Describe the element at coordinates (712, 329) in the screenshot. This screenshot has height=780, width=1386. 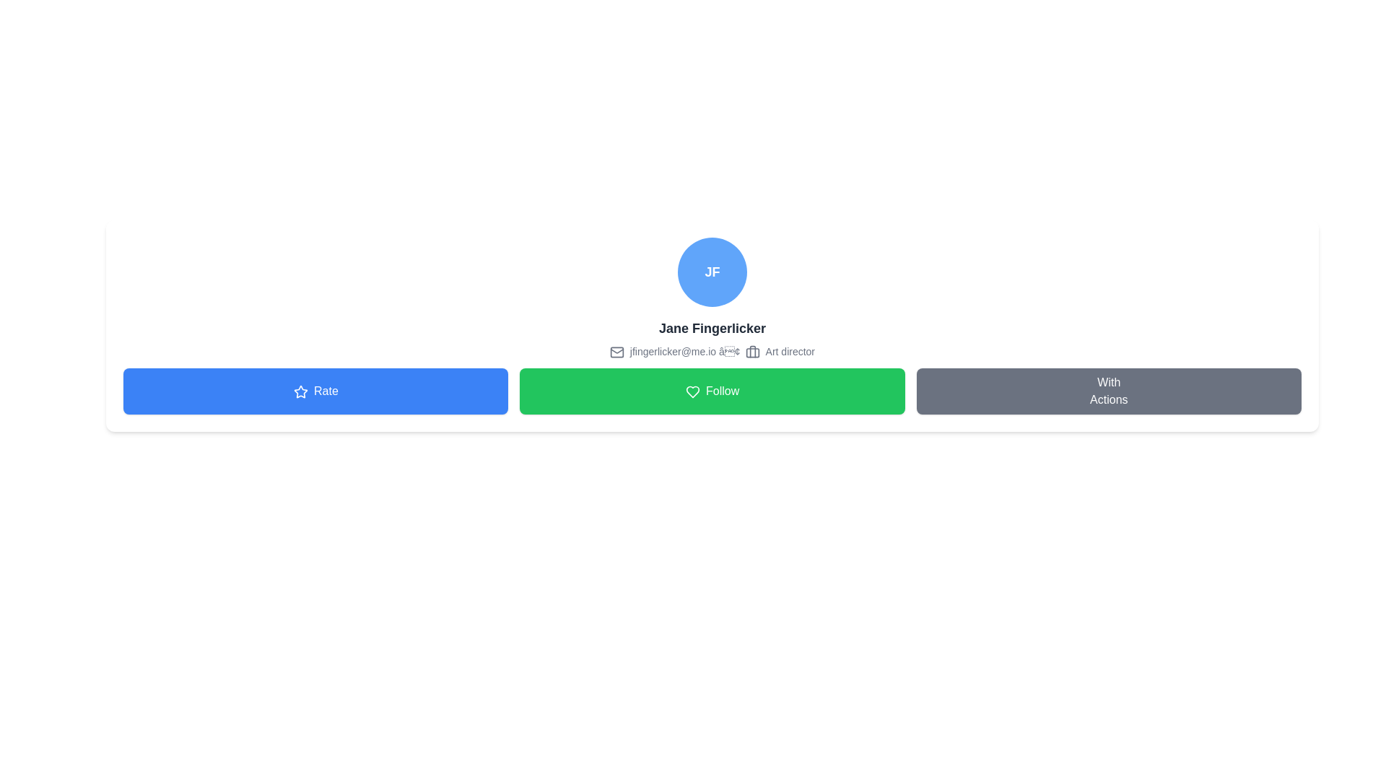
I see `text displayed in the user profile name label located below the circular avatar labeled 'JF' and above the text element containing the email and job description` at that location.